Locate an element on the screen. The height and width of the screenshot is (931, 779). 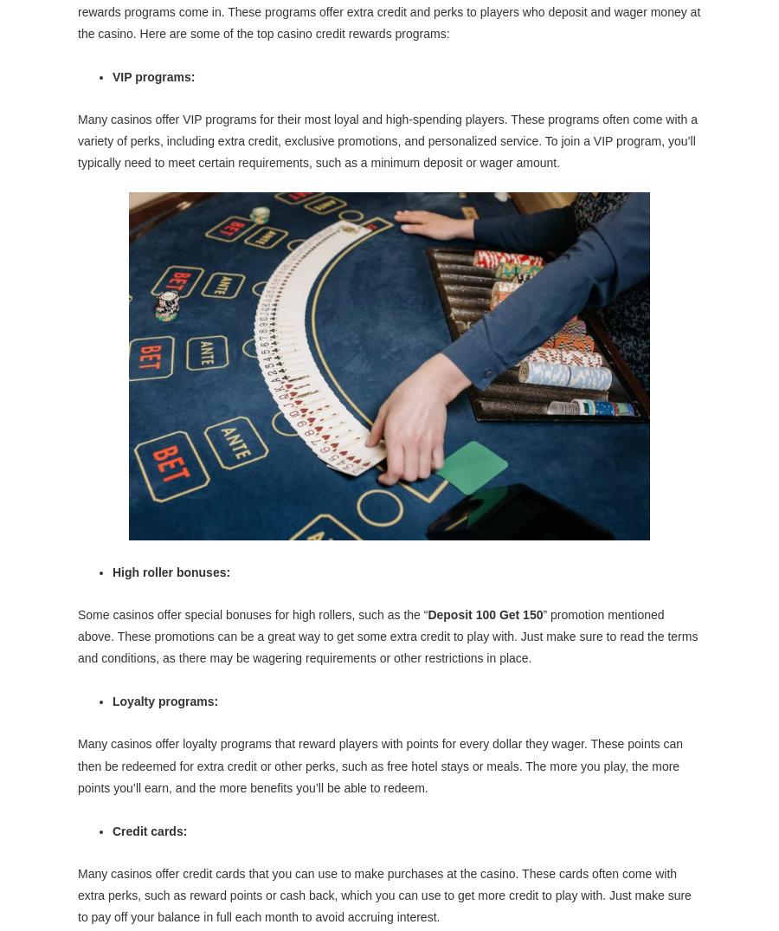
'Many casinos offer loyalty programs that reward players with points for every dollar they wager. These points can then be redeemed for extra credit or other perks, such as free hotel stays or meals. The more you play, the more points you’ll earn, and the more benefits you’ll be able to redeem.' is located at coordinates (77, 764).